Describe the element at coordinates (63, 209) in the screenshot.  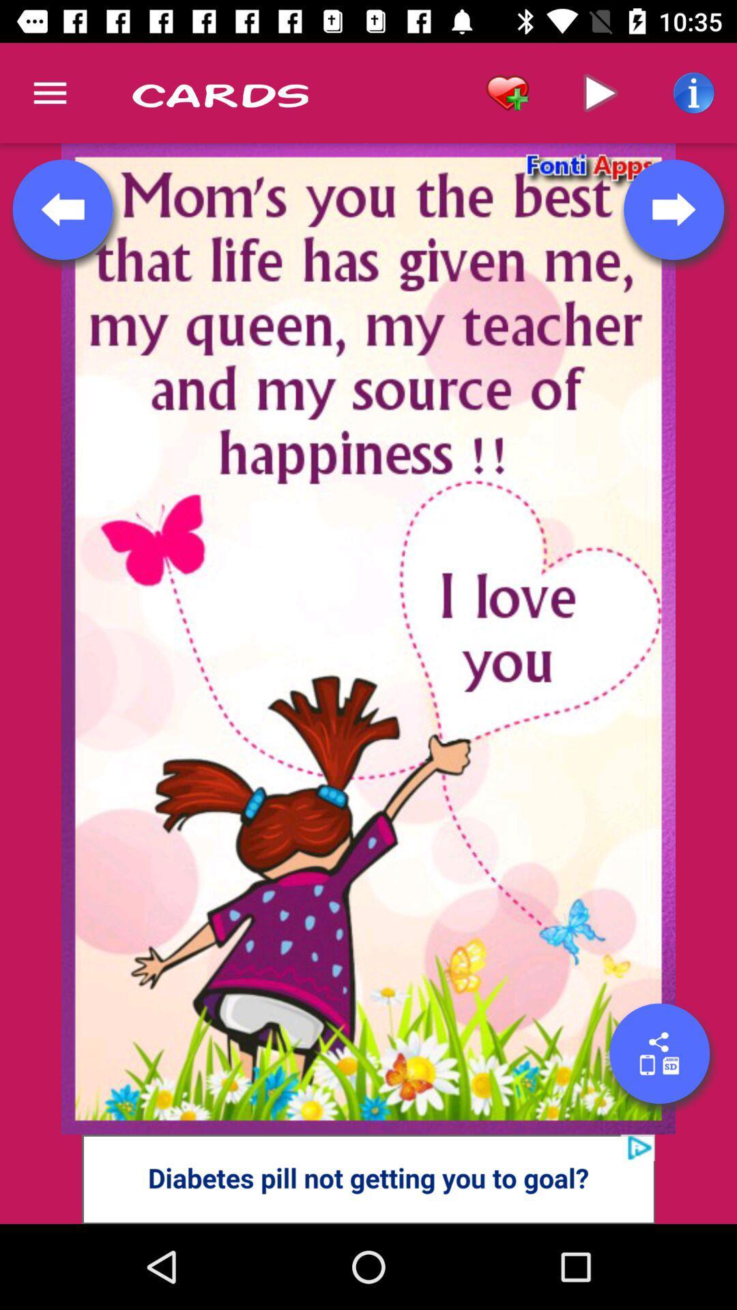
I see `go back` at that location.